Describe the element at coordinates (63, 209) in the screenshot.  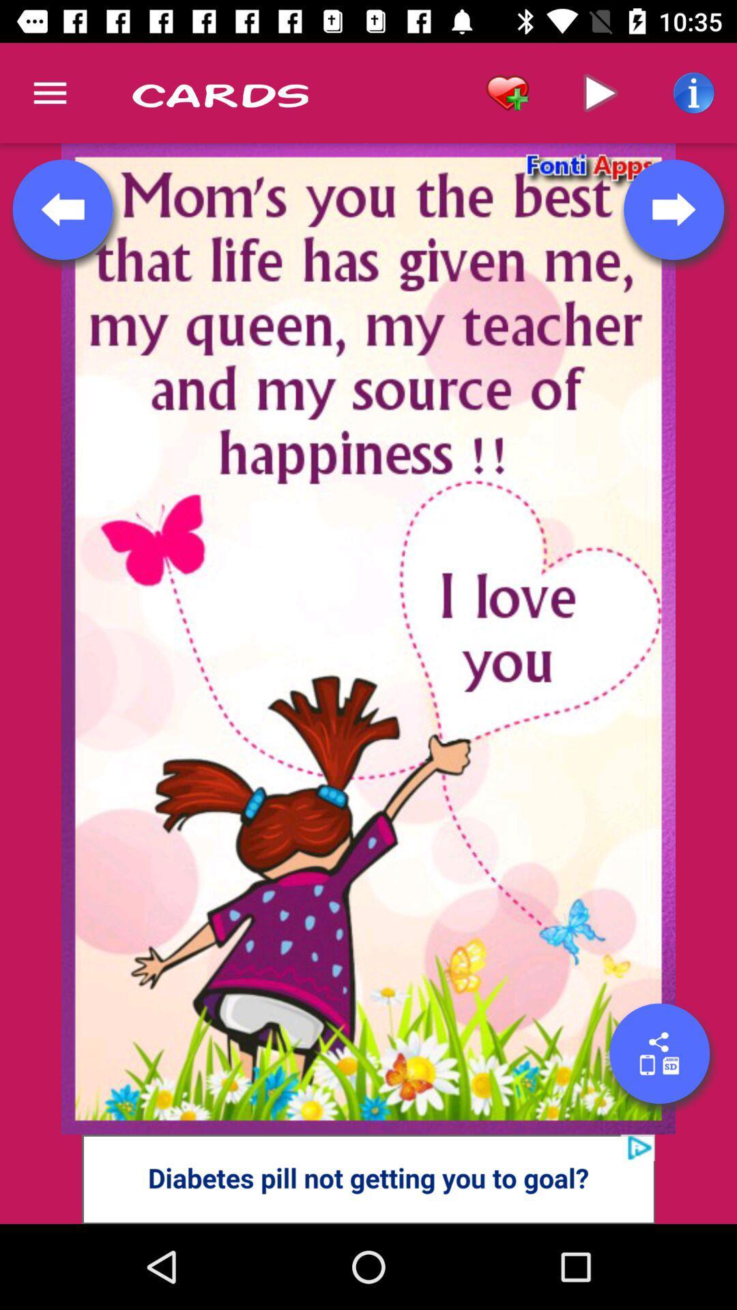
I see `go back` at that location.